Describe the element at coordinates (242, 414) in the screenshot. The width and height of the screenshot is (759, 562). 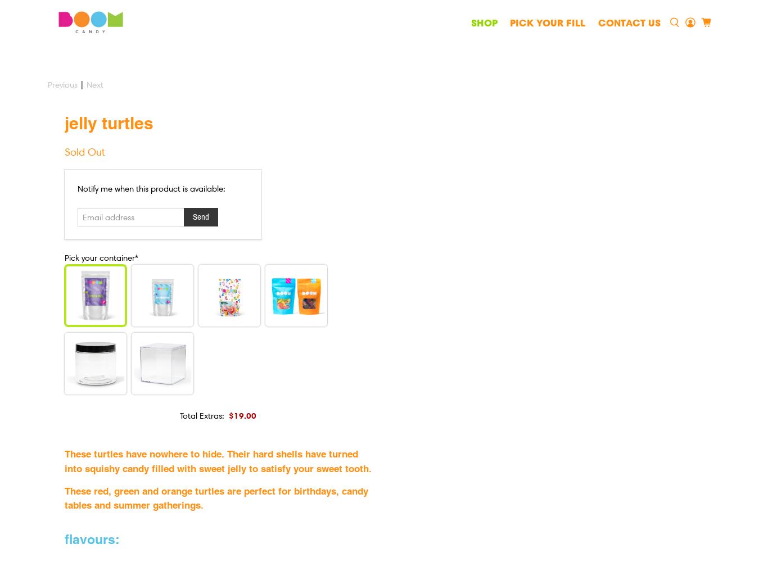
I see `'$19.00'` at that location.